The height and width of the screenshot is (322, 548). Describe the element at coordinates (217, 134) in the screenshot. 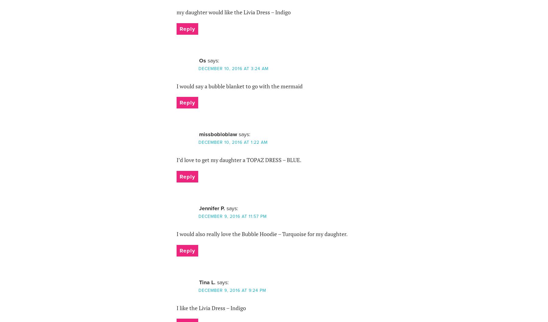

I see `'missbobloblaw'` at that location.